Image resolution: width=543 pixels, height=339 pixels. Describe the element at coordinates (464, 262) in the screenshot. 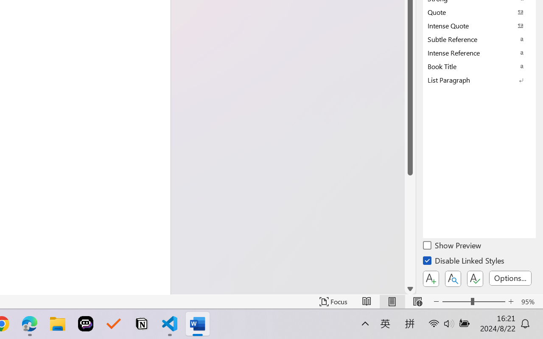

I see `'Disable Linked Styles'` at that location.